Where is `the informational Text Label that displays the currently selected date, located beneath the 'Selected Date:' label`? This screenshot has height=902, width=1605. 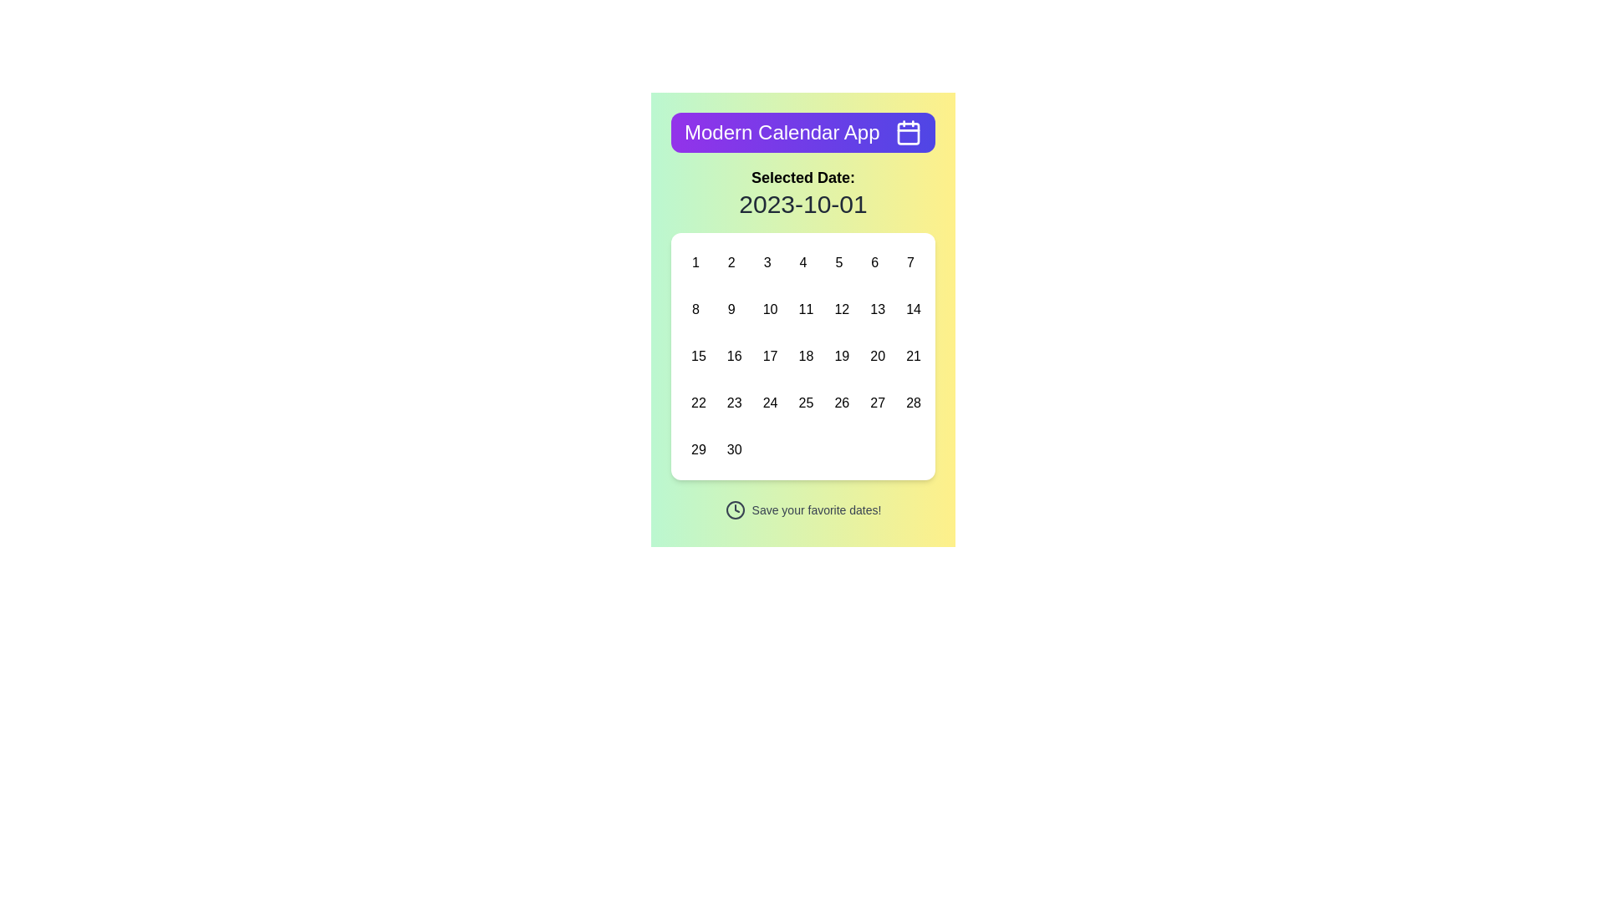
the informational Text Label that displays the currently selected date, located beneath the 'Selected Date:' label is located at coordinates (802, 202).